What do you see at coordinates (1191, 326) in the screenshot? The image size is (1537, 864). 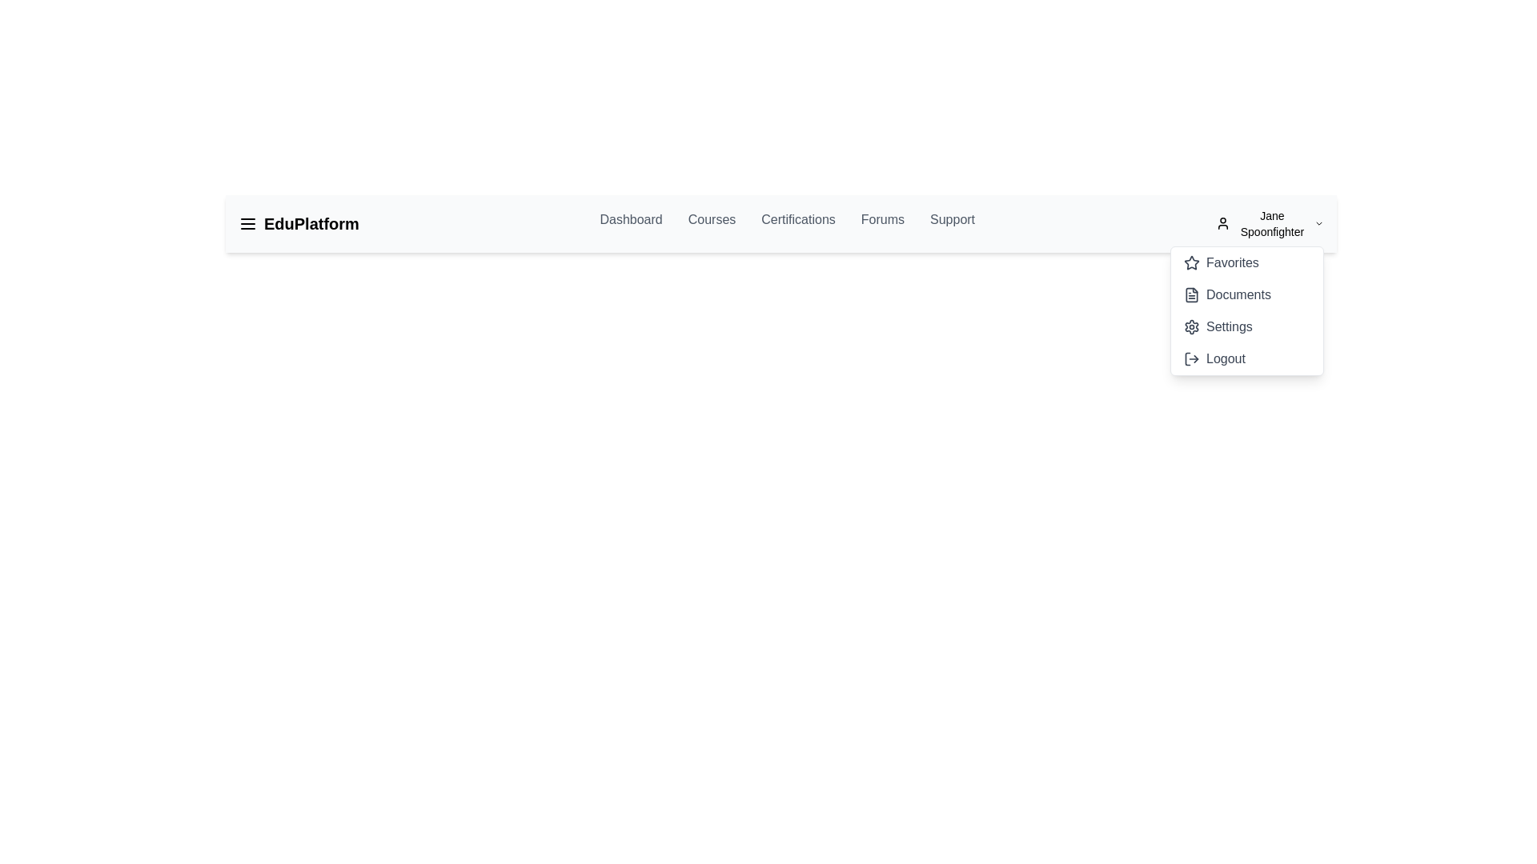 I see `the 'Settings' icon located in the upper-right corner dropdown menu, which allows users to navigate to account or application settings` at bounding box center [1191, 326].